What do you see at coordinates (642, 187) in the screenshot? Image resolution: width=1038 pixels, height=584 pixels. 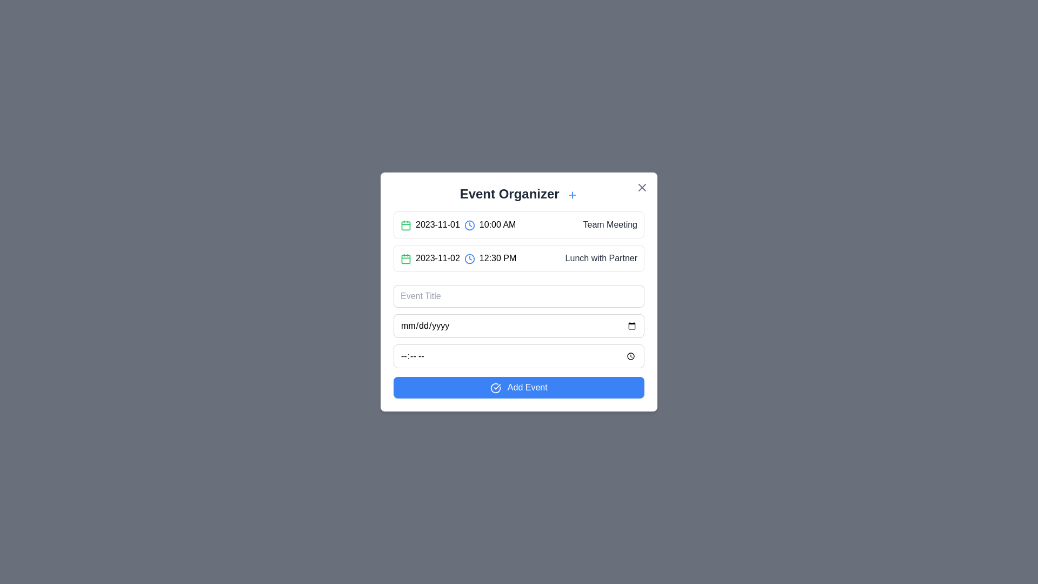 I see `the small red 'X' icon representing the close button located in the top-right corner of the 'Event Organizer' modal` at bounding box center [642, 187].